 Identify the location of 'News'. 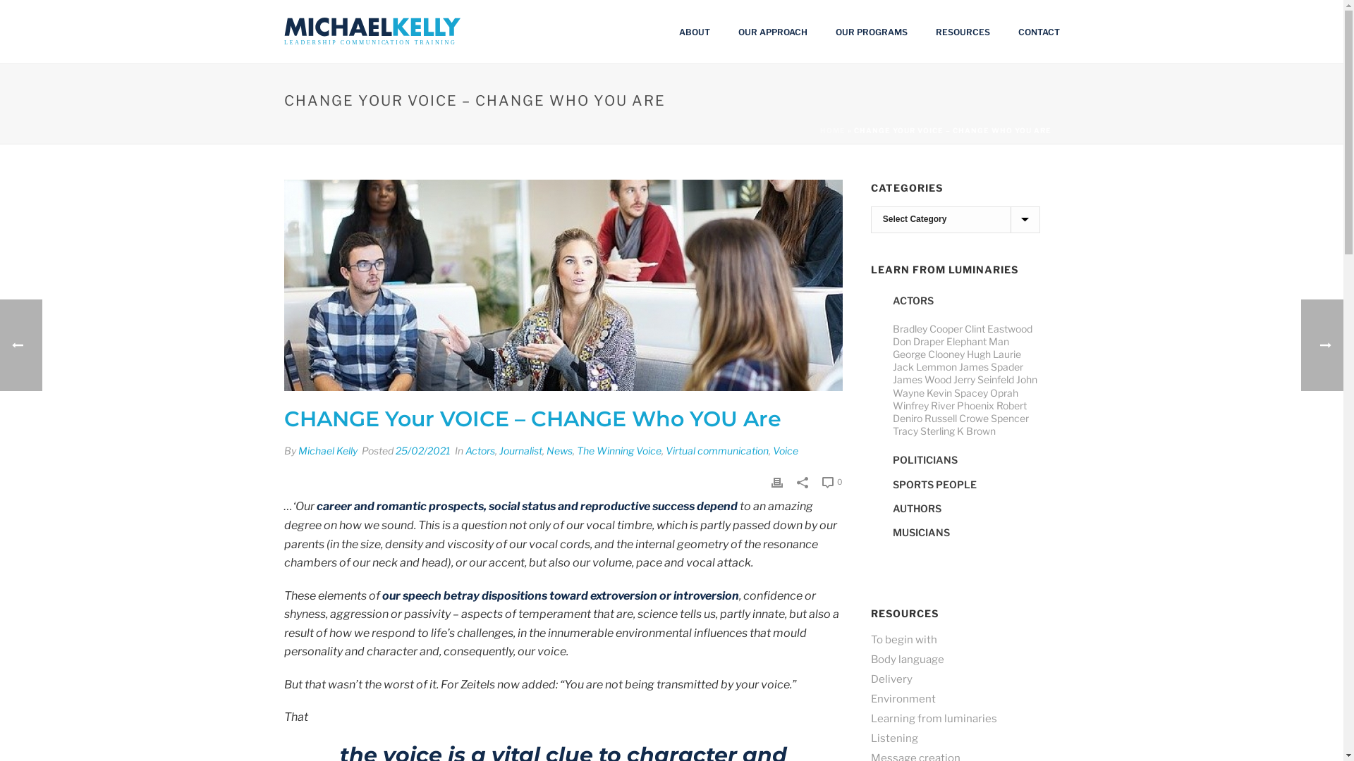
(558, 450).